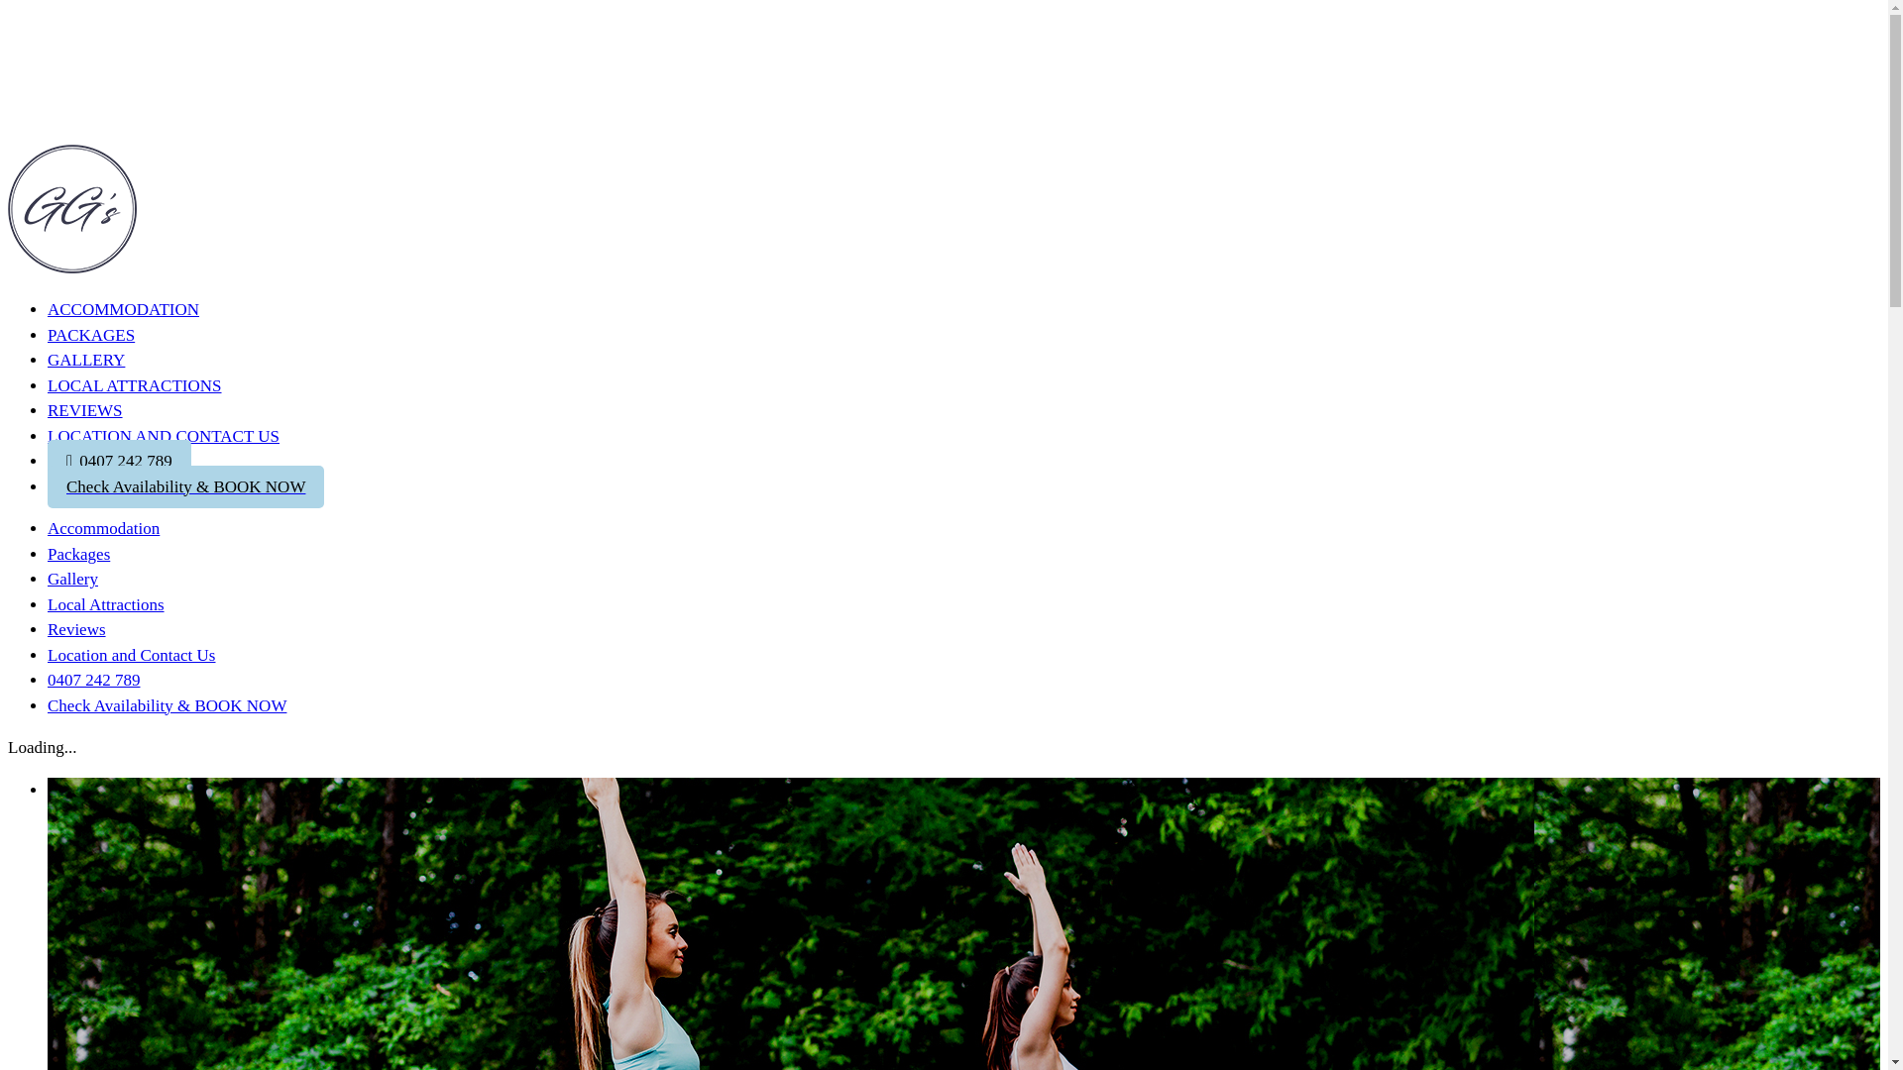  Describe the element at coordinates (7, 7) in the screenshot. I see `'Skip to content'` at that location.